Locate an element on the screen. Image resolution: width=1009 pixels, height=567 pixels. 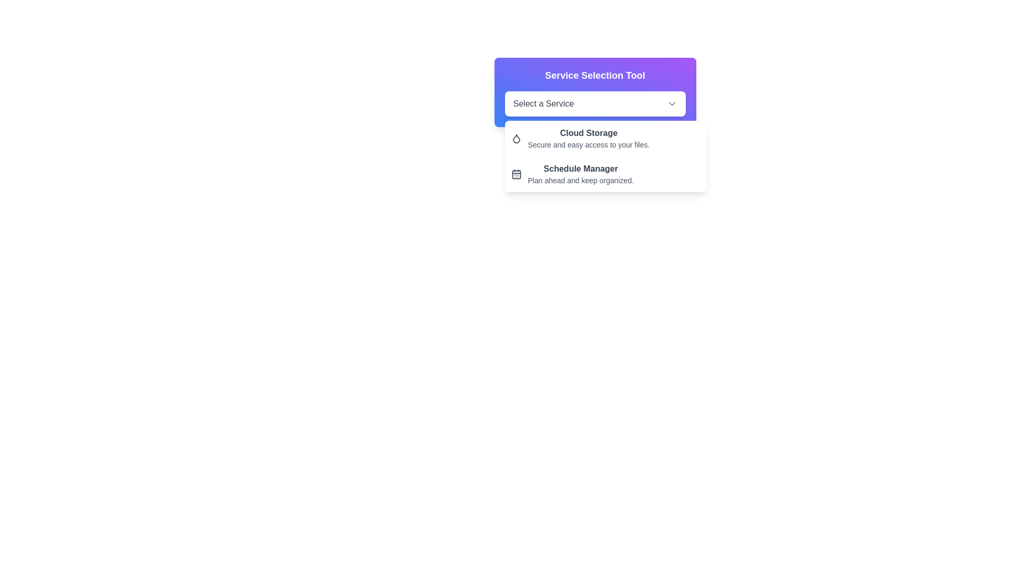
the 'Schedule Manager' text block within the service selection menu is located at coordinates (580, 173).